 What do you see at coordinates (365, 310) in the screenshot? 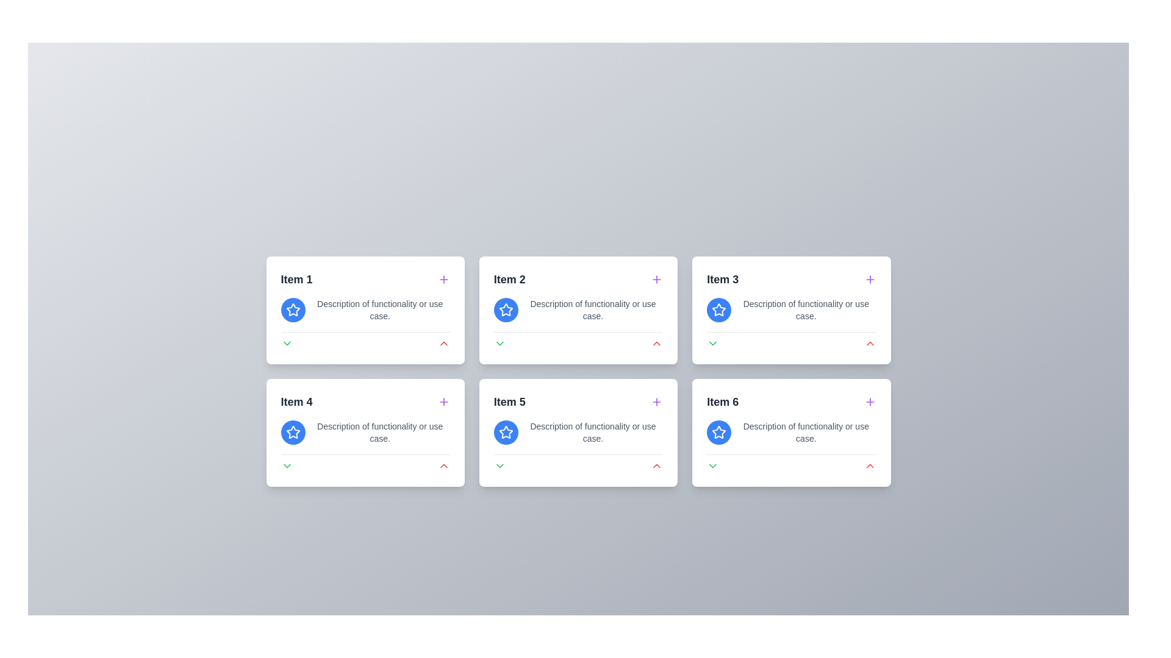
I see `the text 'Description of functionality or use case' associated with the blue circular icon containing a white star in the 'Item 1' card` at bounding box center [365, 310].